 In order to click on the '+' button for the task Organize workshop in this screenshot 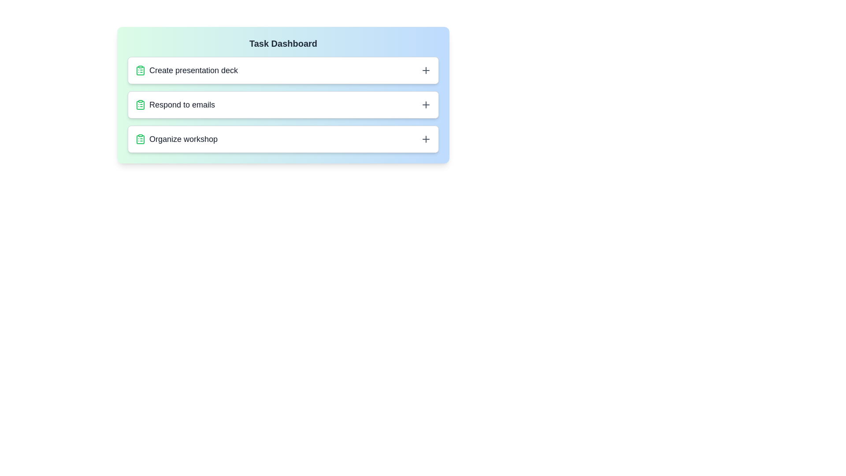, I will do `click(426, 139)`.